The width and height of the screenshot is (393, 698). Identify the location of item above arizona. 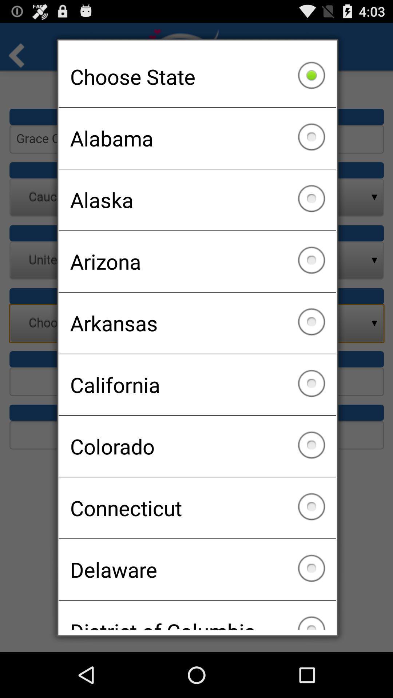
(197, 200).